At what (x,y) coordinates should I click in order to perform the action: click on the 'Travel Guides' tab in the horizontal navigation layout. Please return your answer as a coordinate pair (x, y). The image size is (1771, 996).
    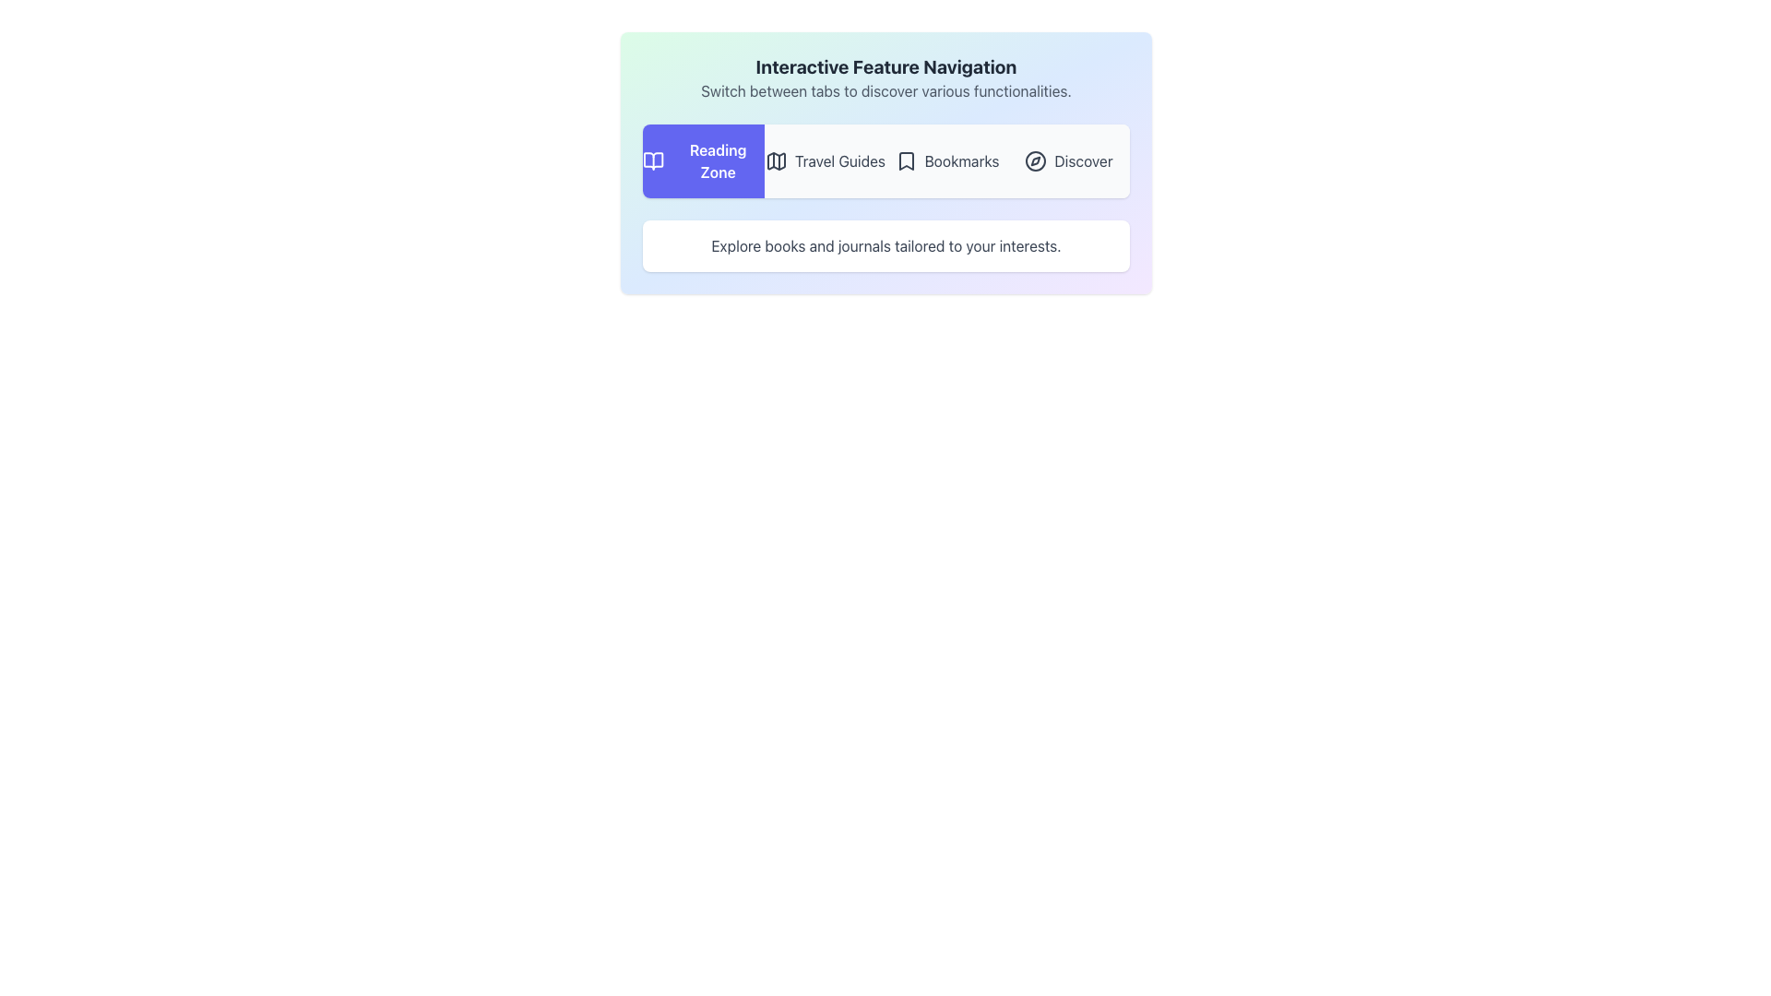
    Looking at the image, I should click on (885, 160).